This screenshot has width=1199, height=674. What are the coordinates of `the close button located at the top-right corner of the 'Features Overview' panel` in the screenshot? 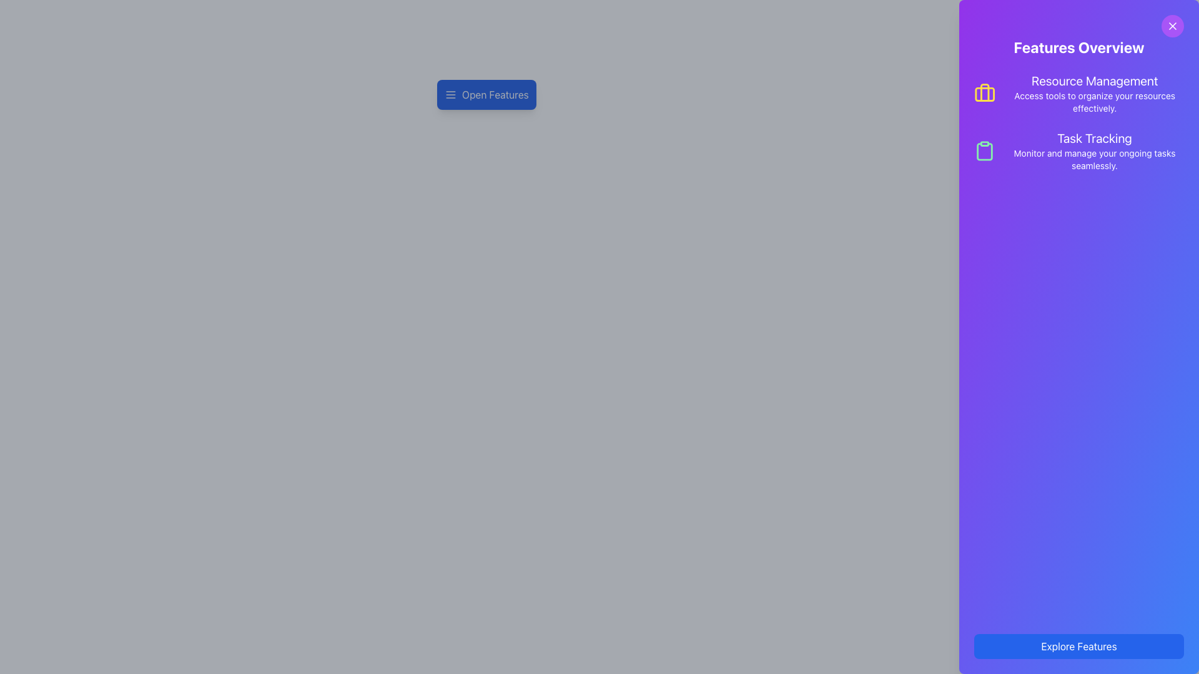 It's located at (1172, 26).